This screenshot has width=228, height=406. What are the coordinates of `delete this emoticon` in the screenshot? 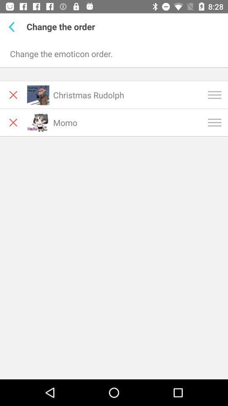 It's located at (13, 95).